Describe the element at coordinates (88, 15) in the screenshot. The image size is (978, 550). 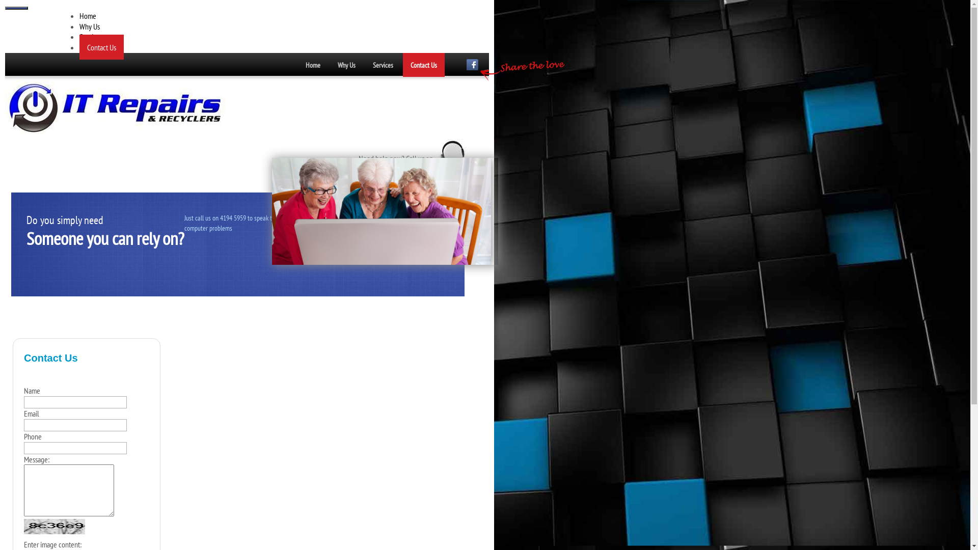
I see `'Home'` at that location.